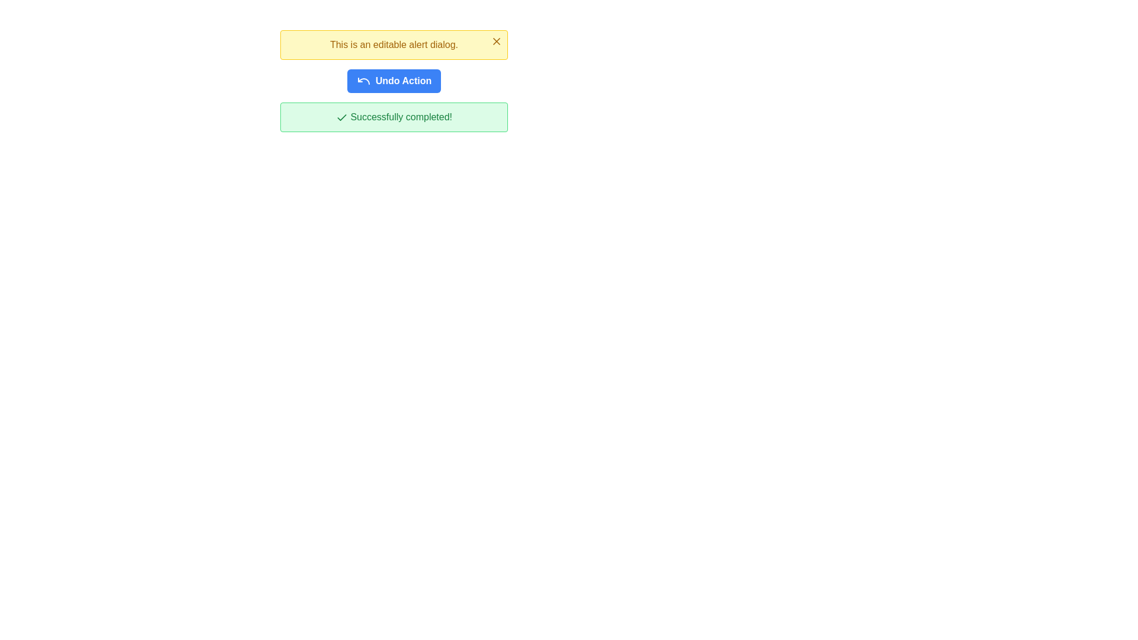  What do you see at coordinates (394, 81) in the screenshot?
I see `the centrally positioned undo button located below the yellow alert box and above the green confirmation message` at bounding box center [394, 81].